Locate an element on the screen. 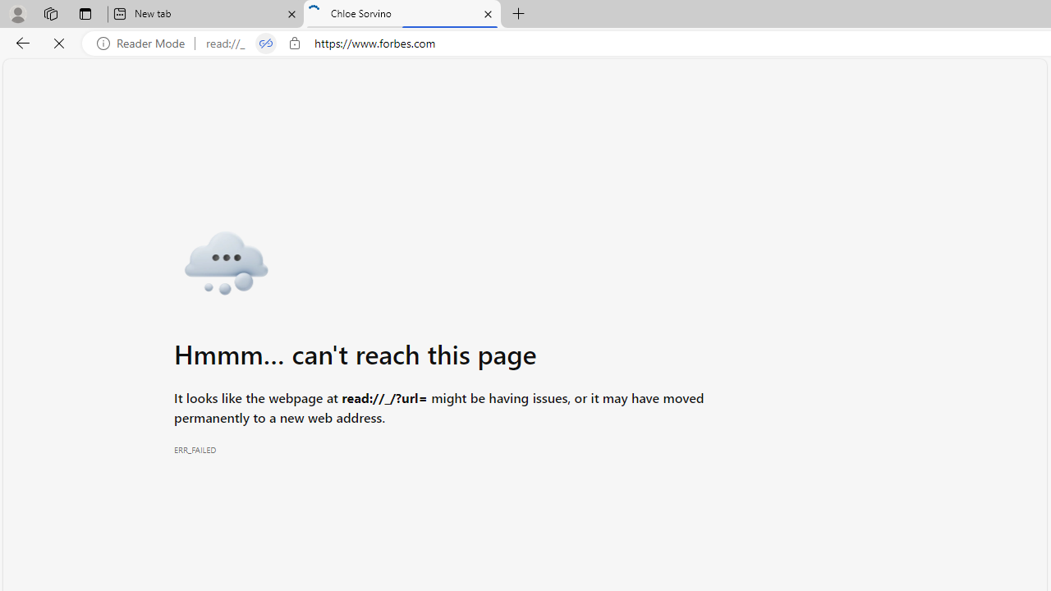 This screenshot has width=1051, height=591. 'Chloe Sorvino' is located at coordinates (402, 14).